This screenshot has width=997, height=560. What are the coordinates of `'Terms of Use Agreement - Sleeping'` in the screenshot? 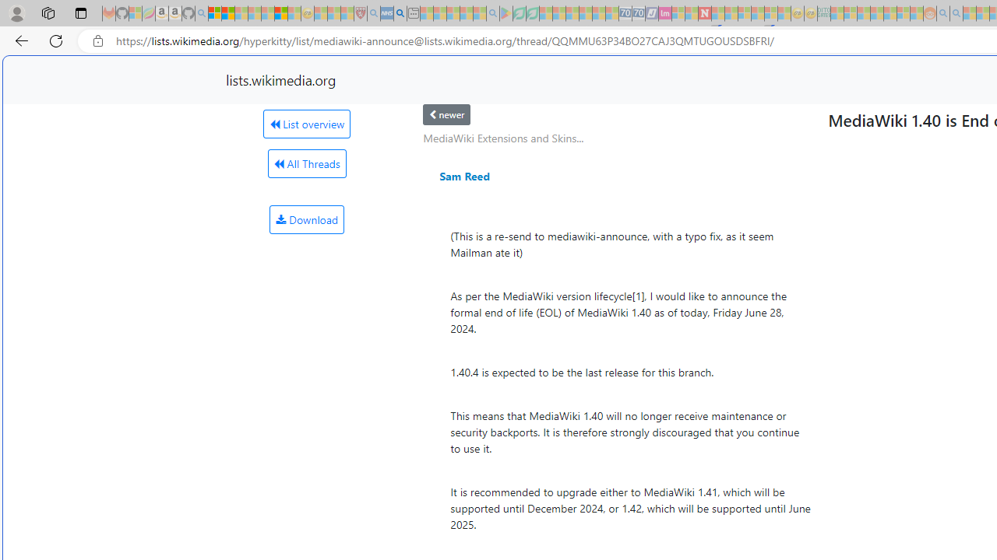 It's located at (519, 13).